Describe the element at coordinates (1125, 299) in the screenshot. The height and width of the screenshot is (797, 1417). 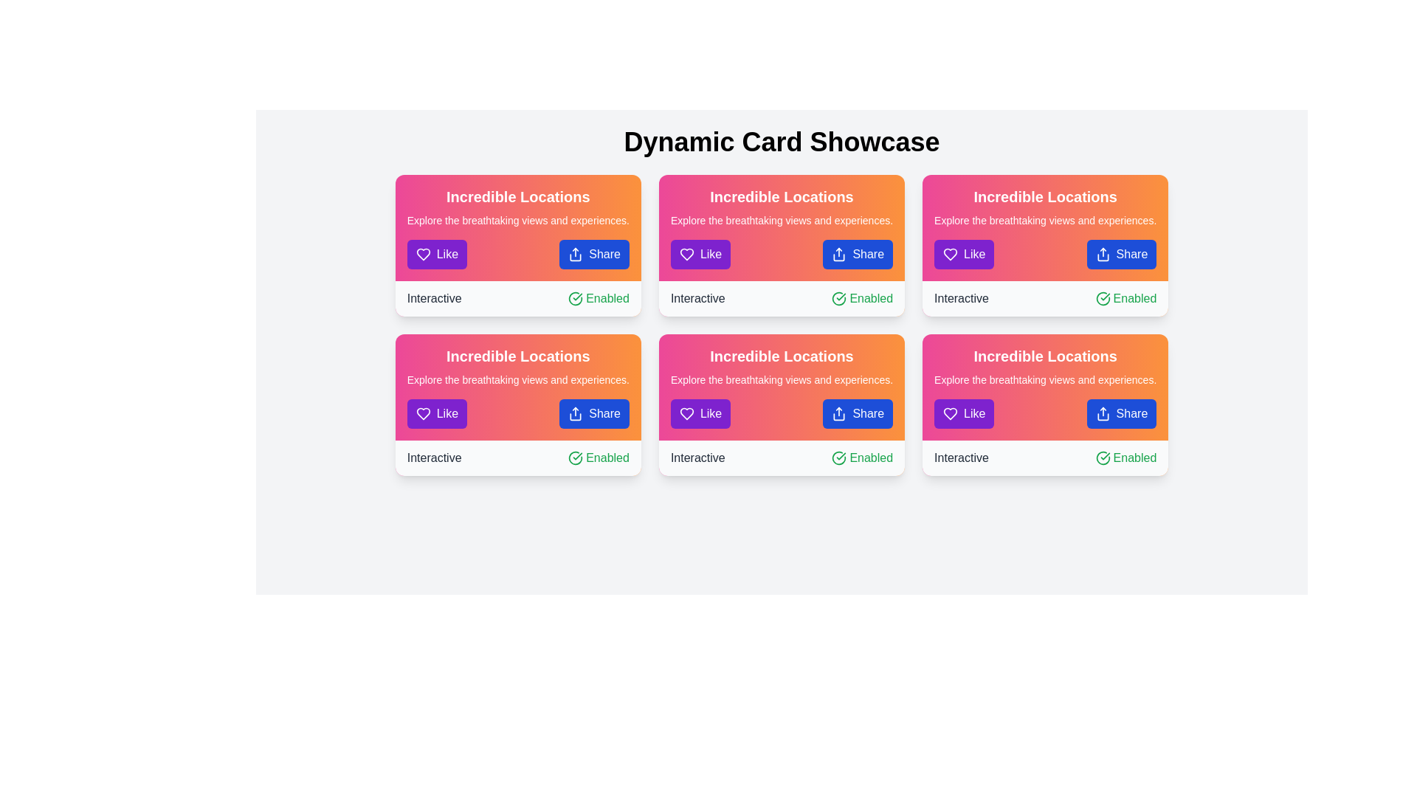
I see `the label with icon located in the bottom-right corner of the second card in the first row of the grid layout` at that location.